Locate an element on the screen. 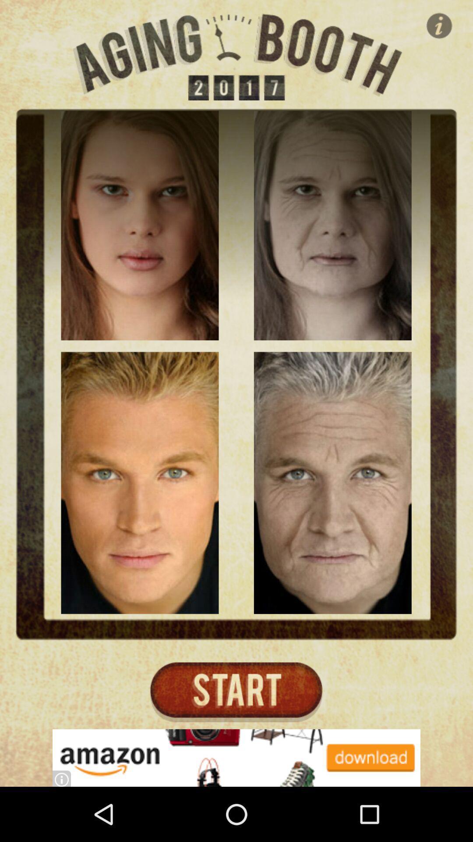 This screenshot has width=473, height=842. the info icon is located at coordinates (439, 25).